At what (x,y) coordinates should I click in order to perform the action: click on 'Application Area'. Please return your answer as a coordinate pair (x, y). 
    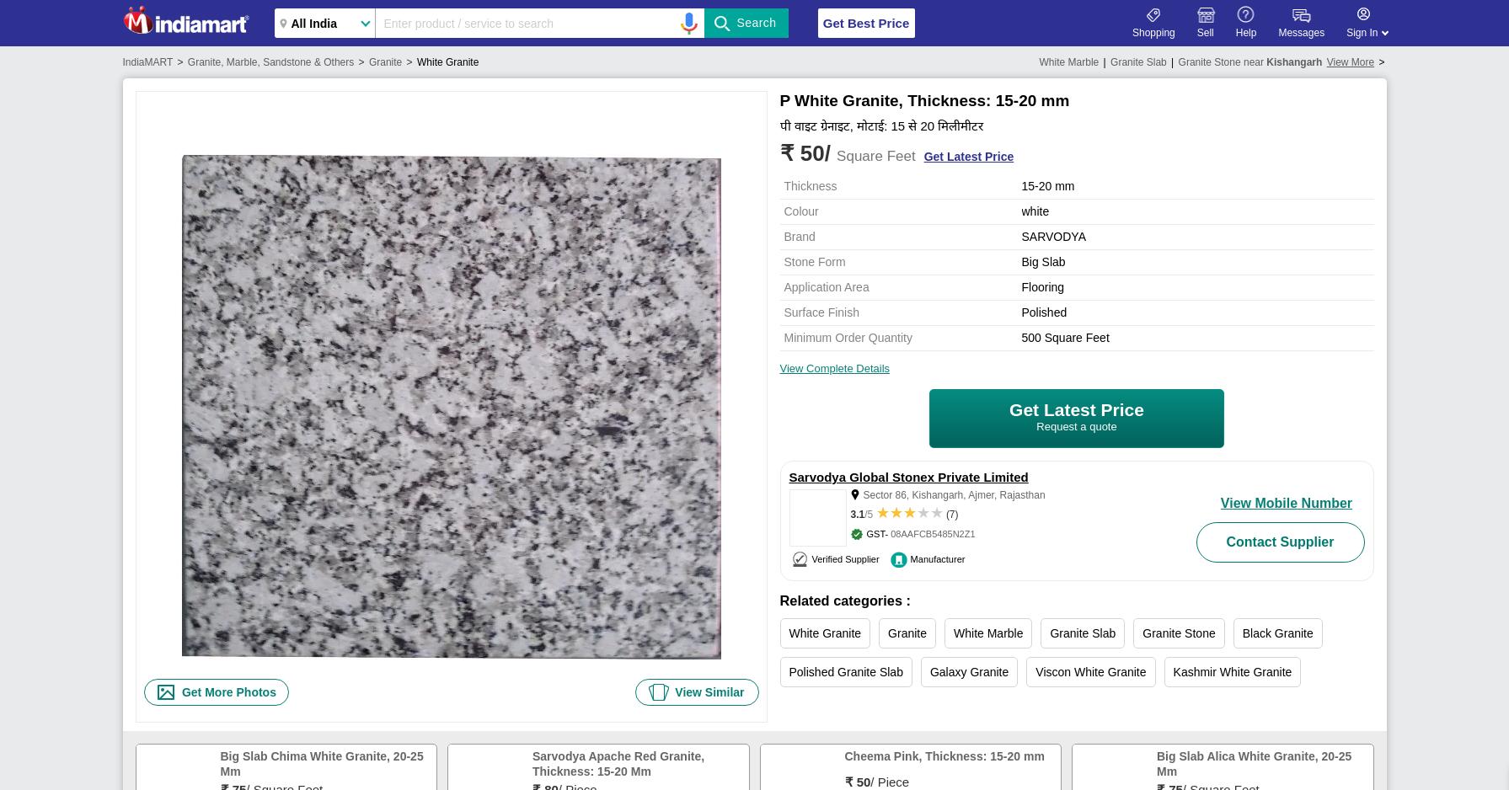
    Looking at the image, I should click on (825, 286).